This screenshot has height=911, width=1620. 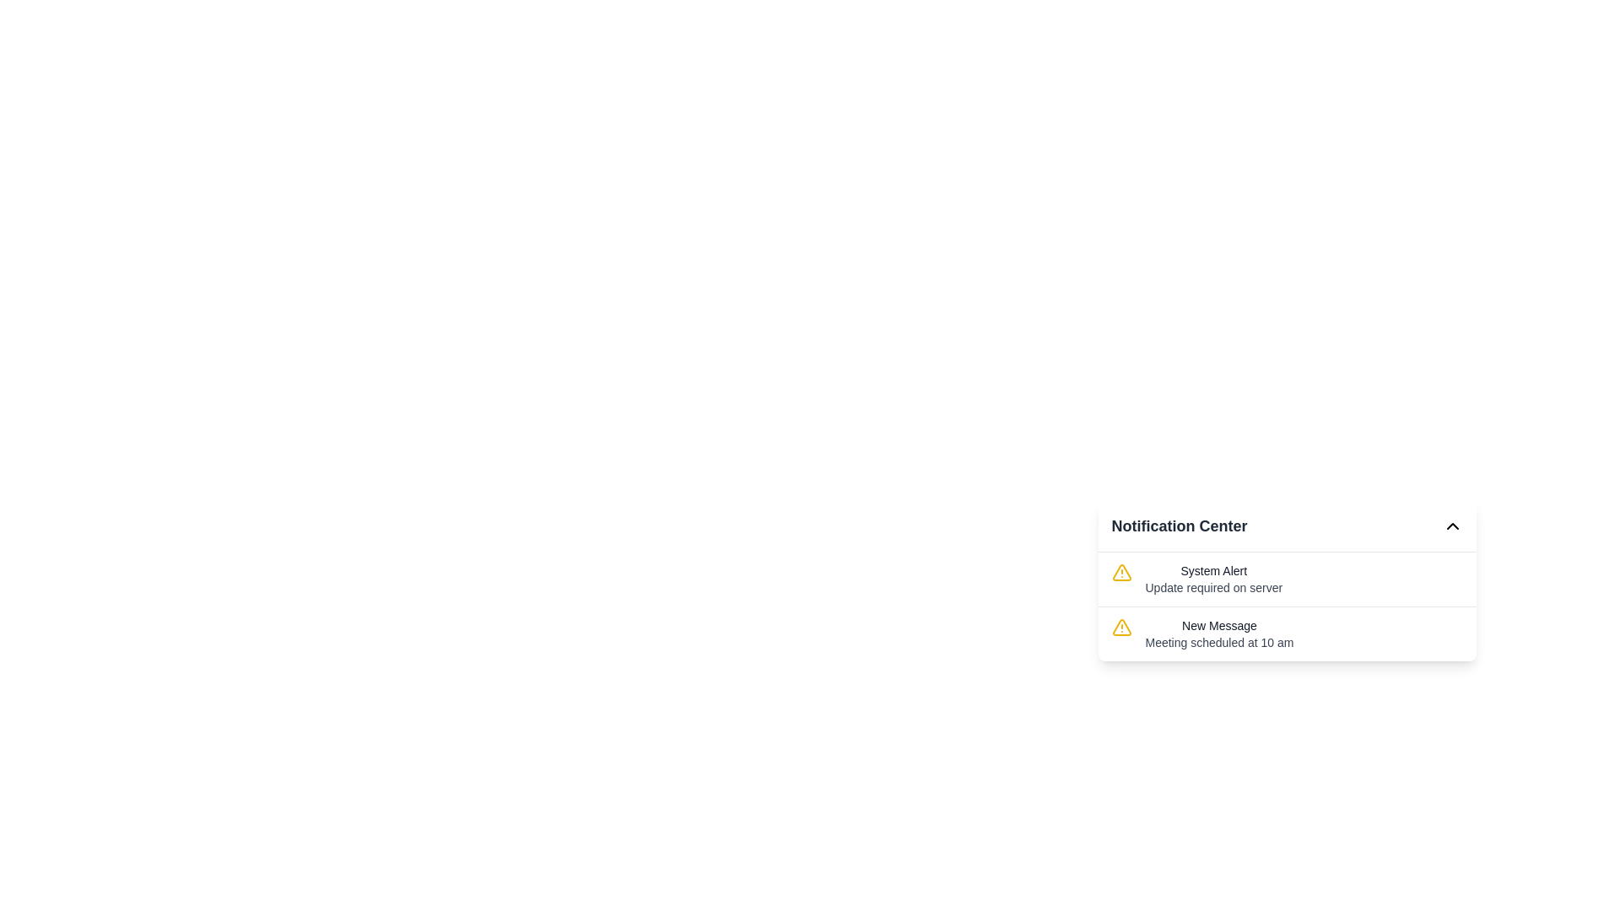 What do you see at coordinates (1219, 643) in the screenshot?
I see `the text label that reads 'Meeting scheduled at 10 am', which is located beneath the title 'New Message' in a notification card on the right side of the interface` at bounding box center [1219, 643].